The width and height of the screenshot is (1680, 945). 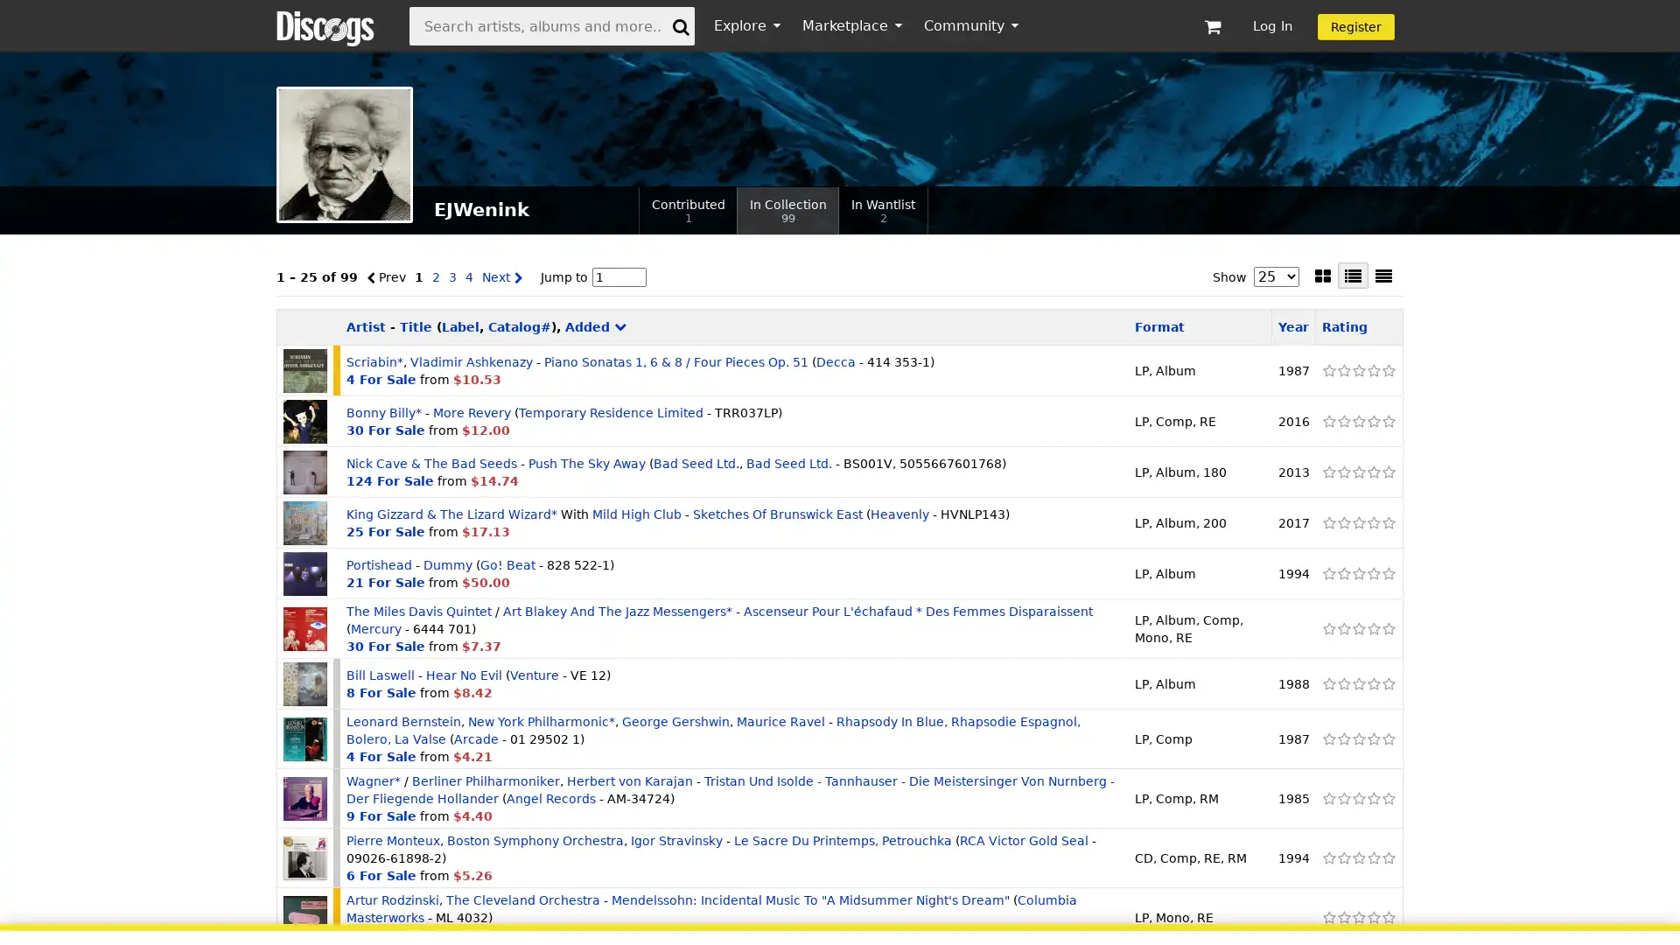 I want to click on Rate this release 4 stars., so click(x=1372, y=627).